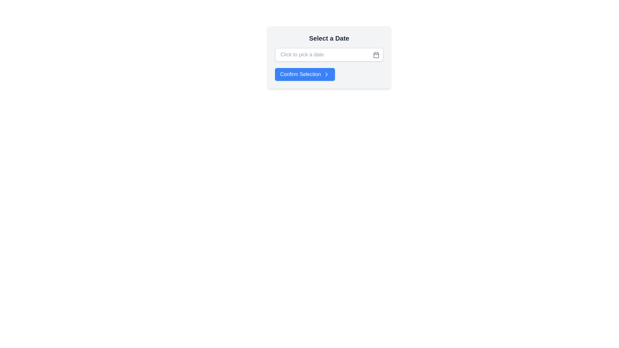  Describe the element at coordinates (329, 54) in the screenshot. I see `into the Date picker input field located in the section titled 'Select a Date'` at that location.